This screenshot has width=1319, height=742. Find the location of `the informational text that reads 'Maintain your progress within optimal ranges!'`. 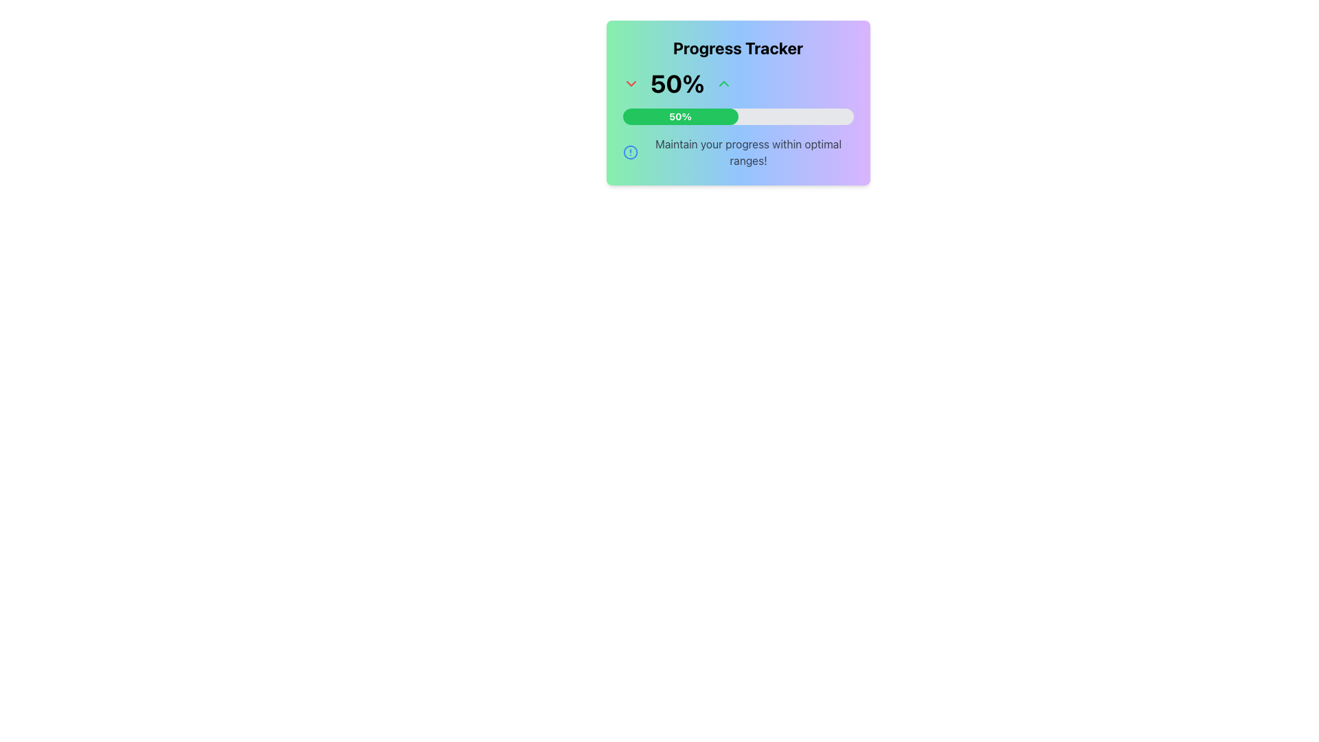

the informational text that reads 'Maintain your progress within optimal ranges!' is located at coordinates (737, 153).